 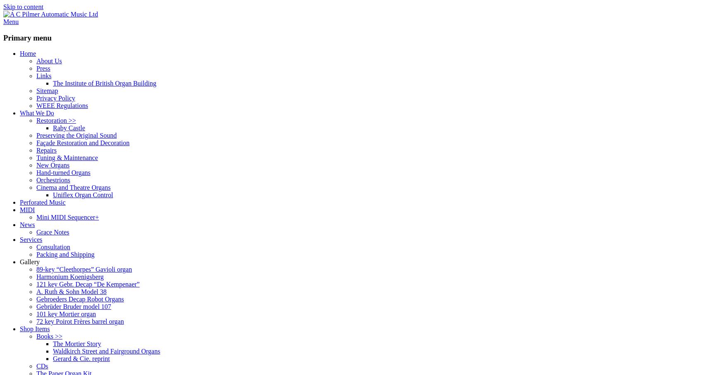 What do you see at coordinates (63, 172) in the screenshot?
I see `'Hand-turned Organs'` at bounding box center [63, 172].